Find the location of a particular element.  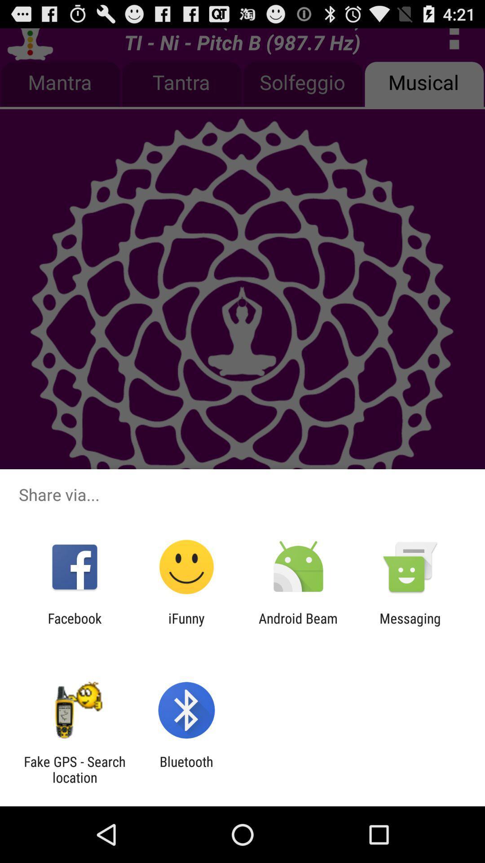

app next to android beam app is located at coordinates (186, 626).